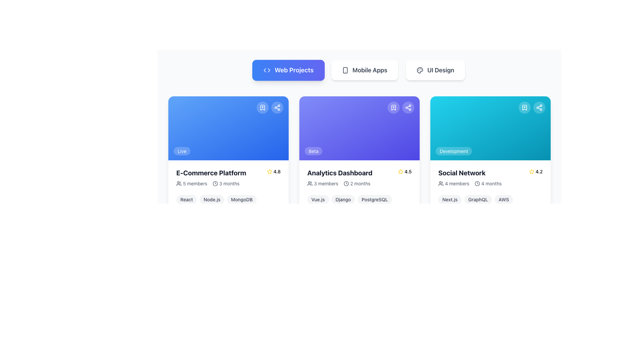 The image size is (640, 360). I want to click on the Vue.js label on the Analytics Dashboard card, which is the first of three horizontally aligned sibling elements in the center-bottom region, so click(318, 199).